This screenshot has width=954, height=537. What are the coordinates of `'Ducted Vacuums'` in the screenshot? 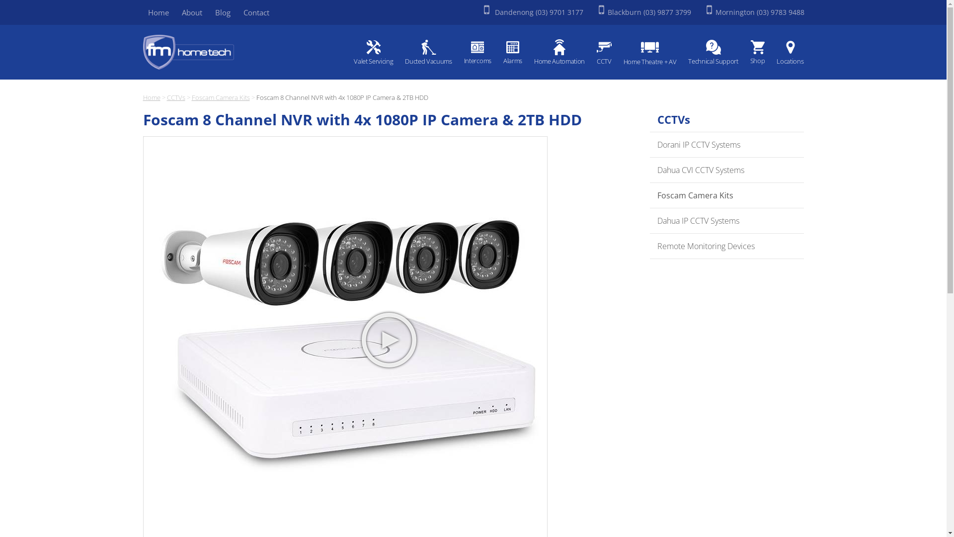 It's located at (428, 53).